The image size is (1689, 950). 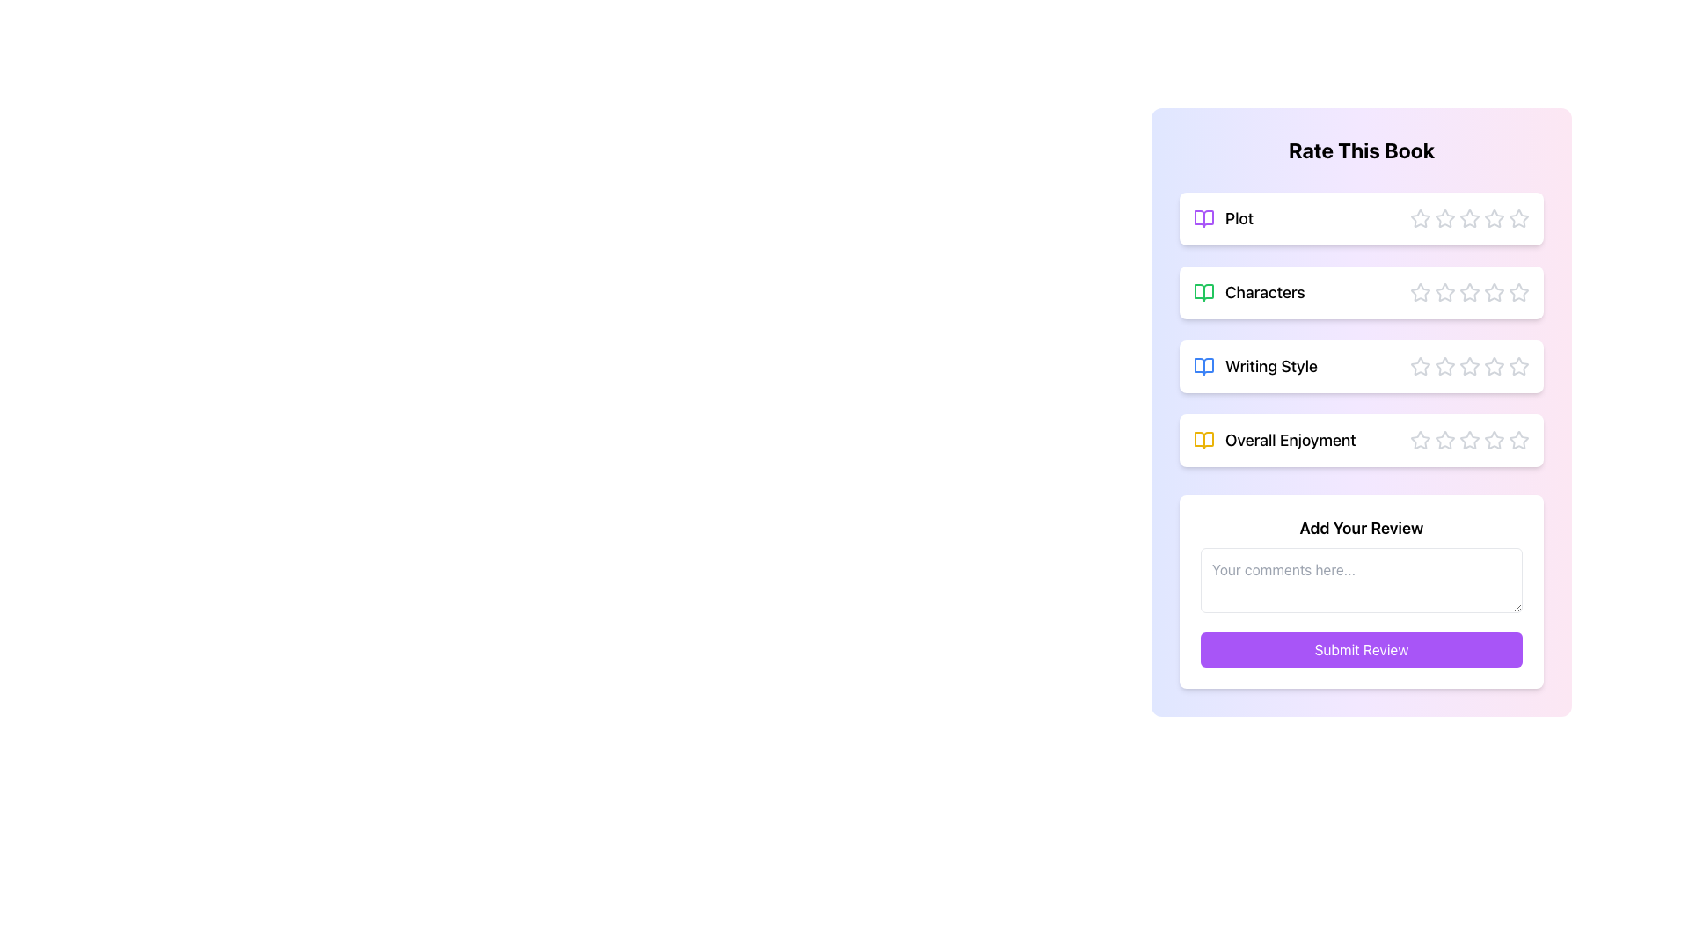 What do you see at coordinates (1469, 365) in the screenshot?
I see `the fourth star in the 'Writing Style' category to rate it` at bounding box center [1469, 365].